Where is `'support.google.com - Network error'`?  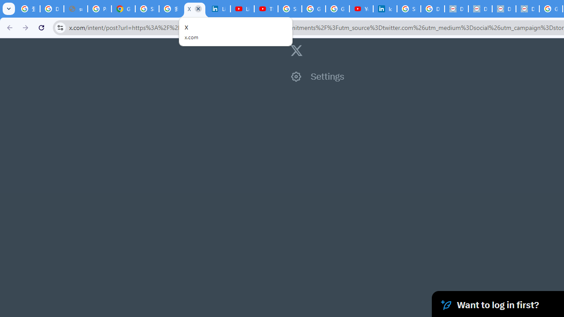 'support.google.com - Network error' is located at coordinates (75, 9).